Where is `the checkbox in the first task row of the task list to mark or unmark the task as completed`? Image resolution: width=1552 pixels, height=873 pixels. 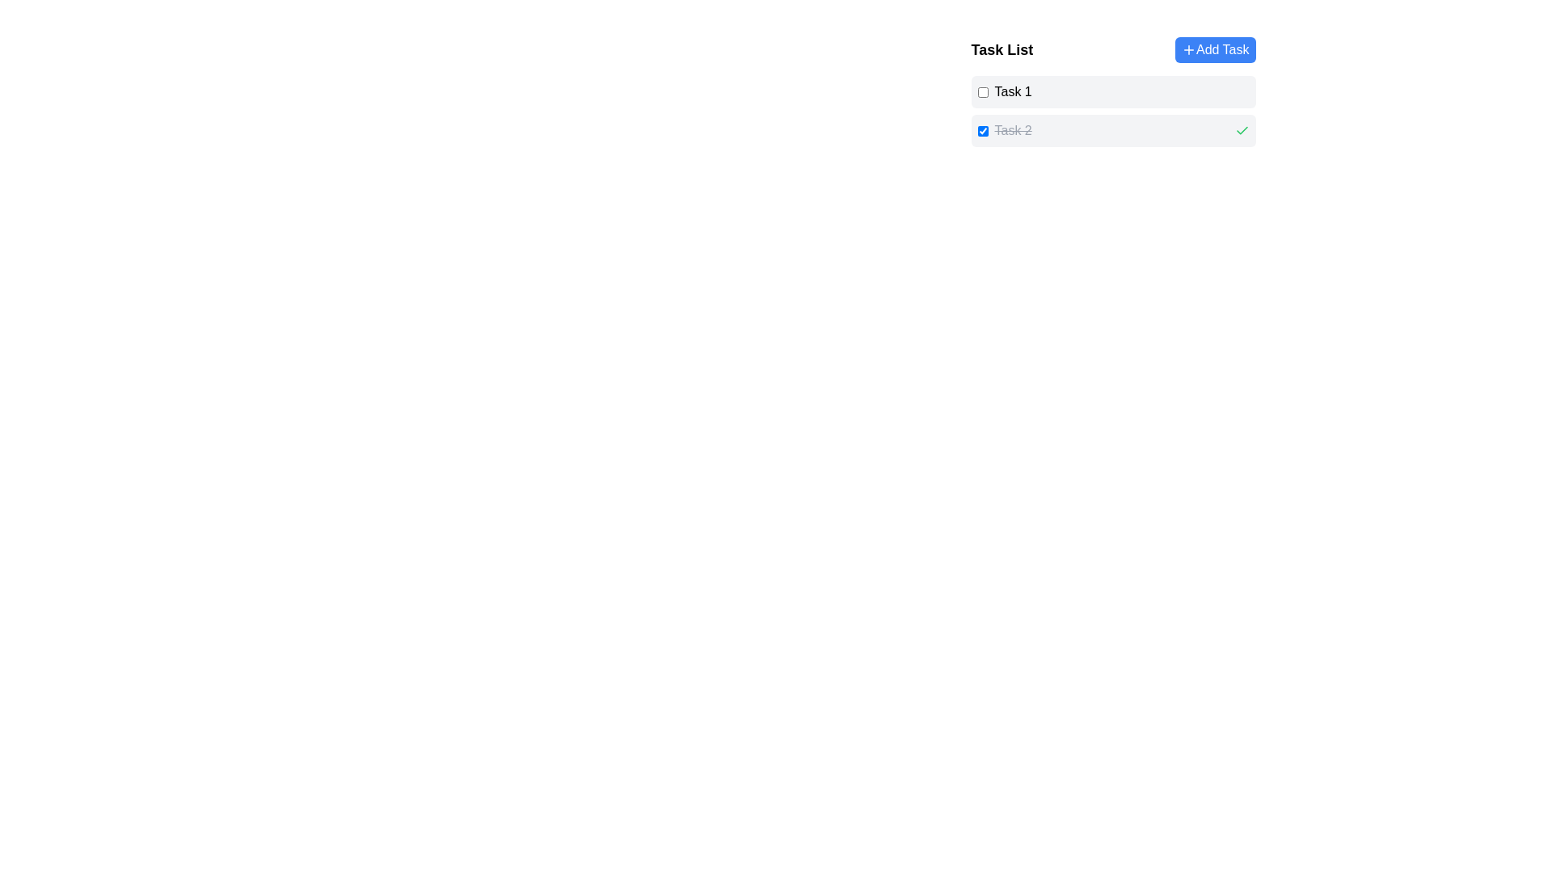
the checkbox in the first task row of the task list to mark or unmark the task as completed is located at coordinates (1112, 92).